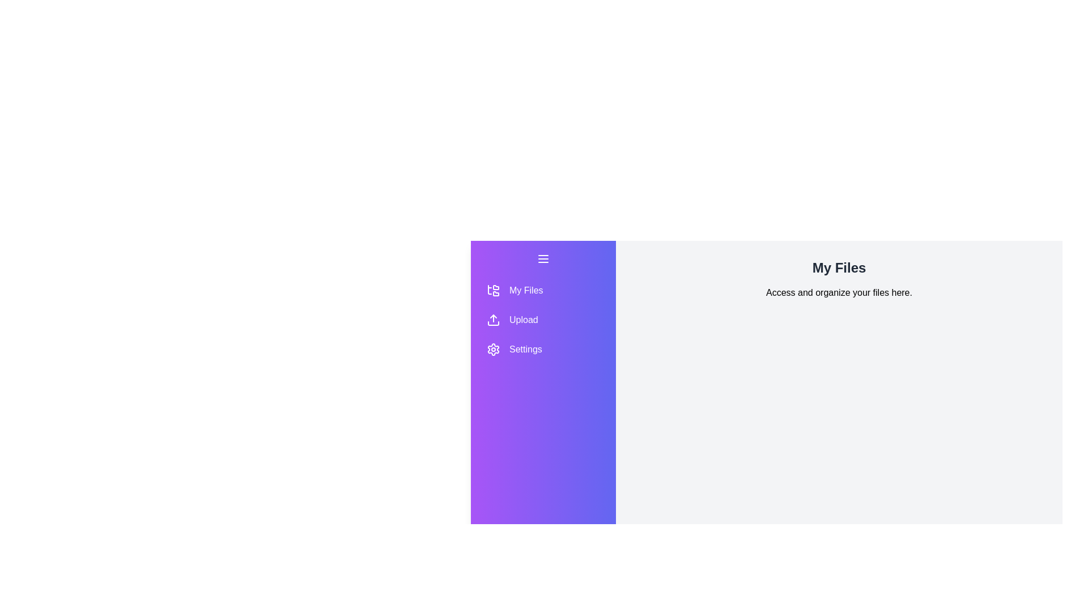 Image resolution: width=1088 pixels, height=612 pixels. What do you see at coordinates (543, 320) in the screenshot?
I see `the section button to navigate to Upload` at bounding box center [543, 320].